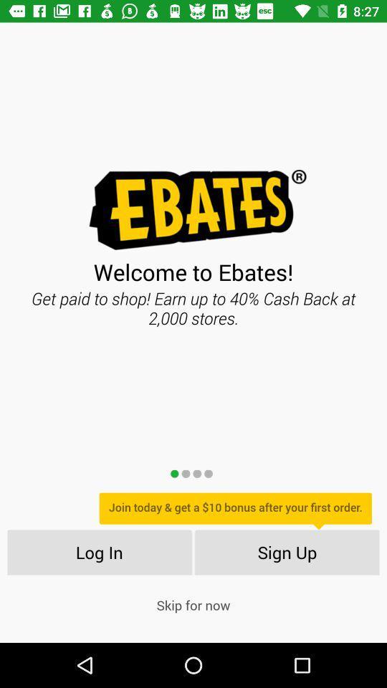 This screenshot has width=387, height=688. I want to click on the skip for now, so click(193, 604).